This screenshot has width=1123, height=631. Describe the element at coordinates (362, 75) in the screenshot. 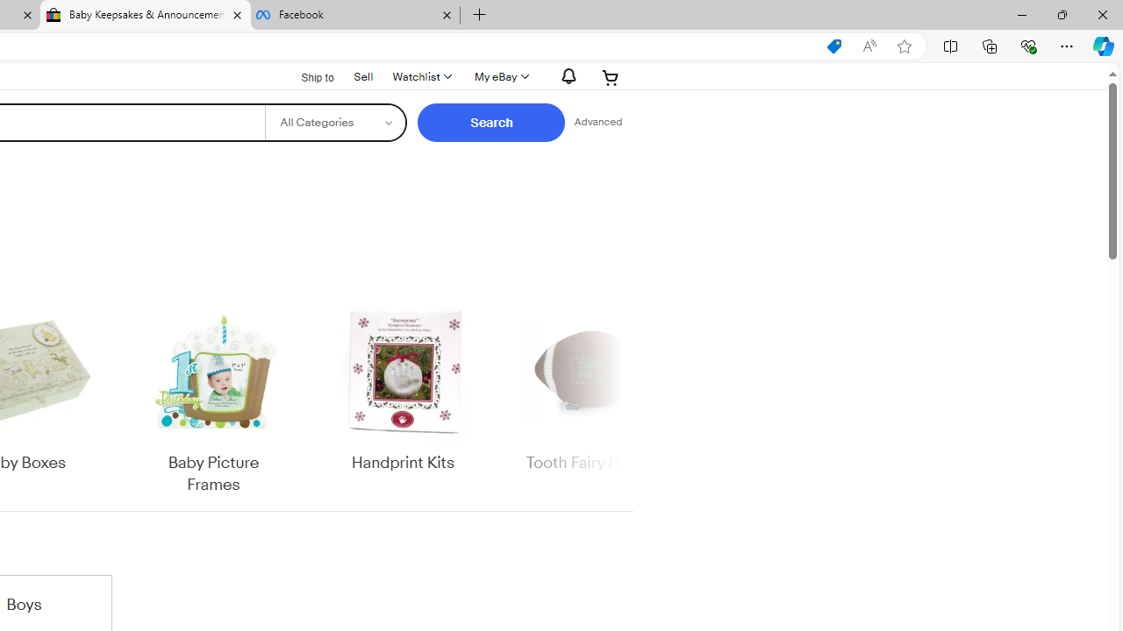

I see `'Sell'` at that location.